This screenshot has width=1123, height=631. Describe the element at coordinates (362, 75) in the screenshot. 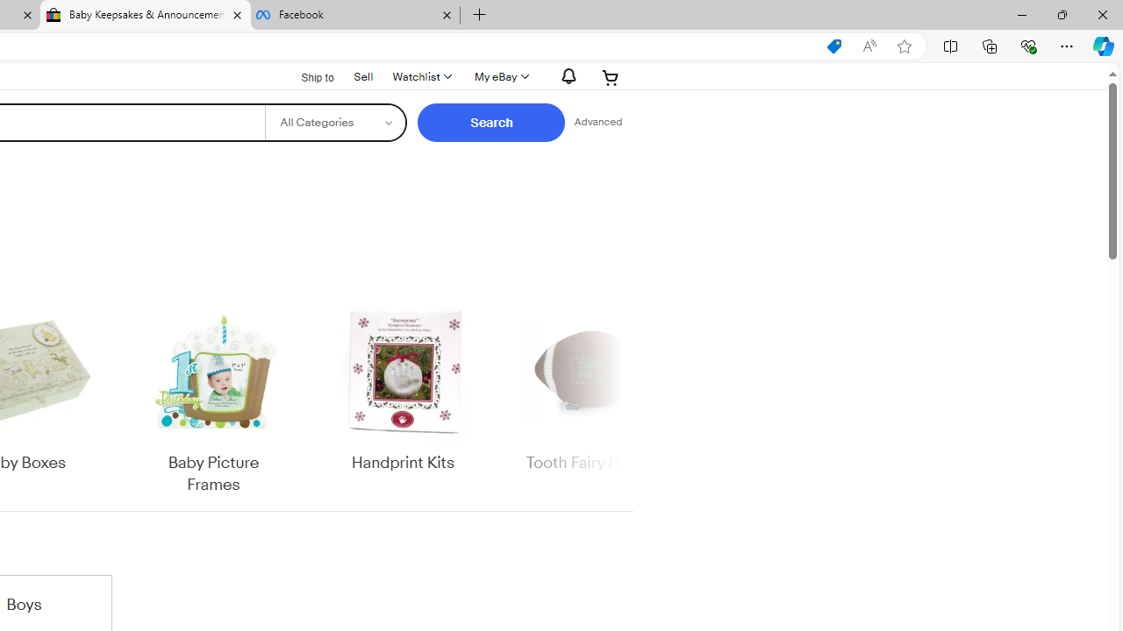

I see `'Sell'` at that location.